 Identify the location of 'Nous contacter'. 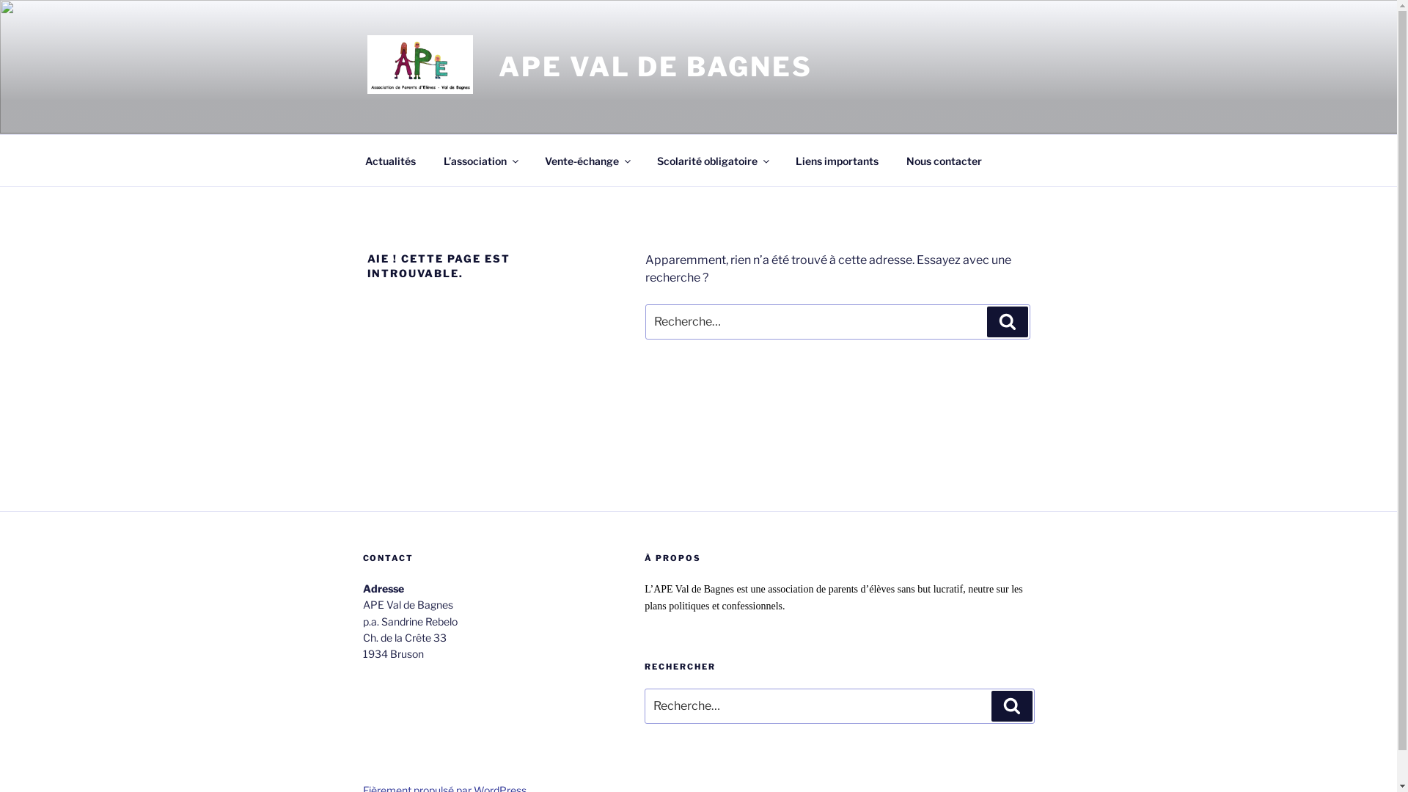
(892, 160).